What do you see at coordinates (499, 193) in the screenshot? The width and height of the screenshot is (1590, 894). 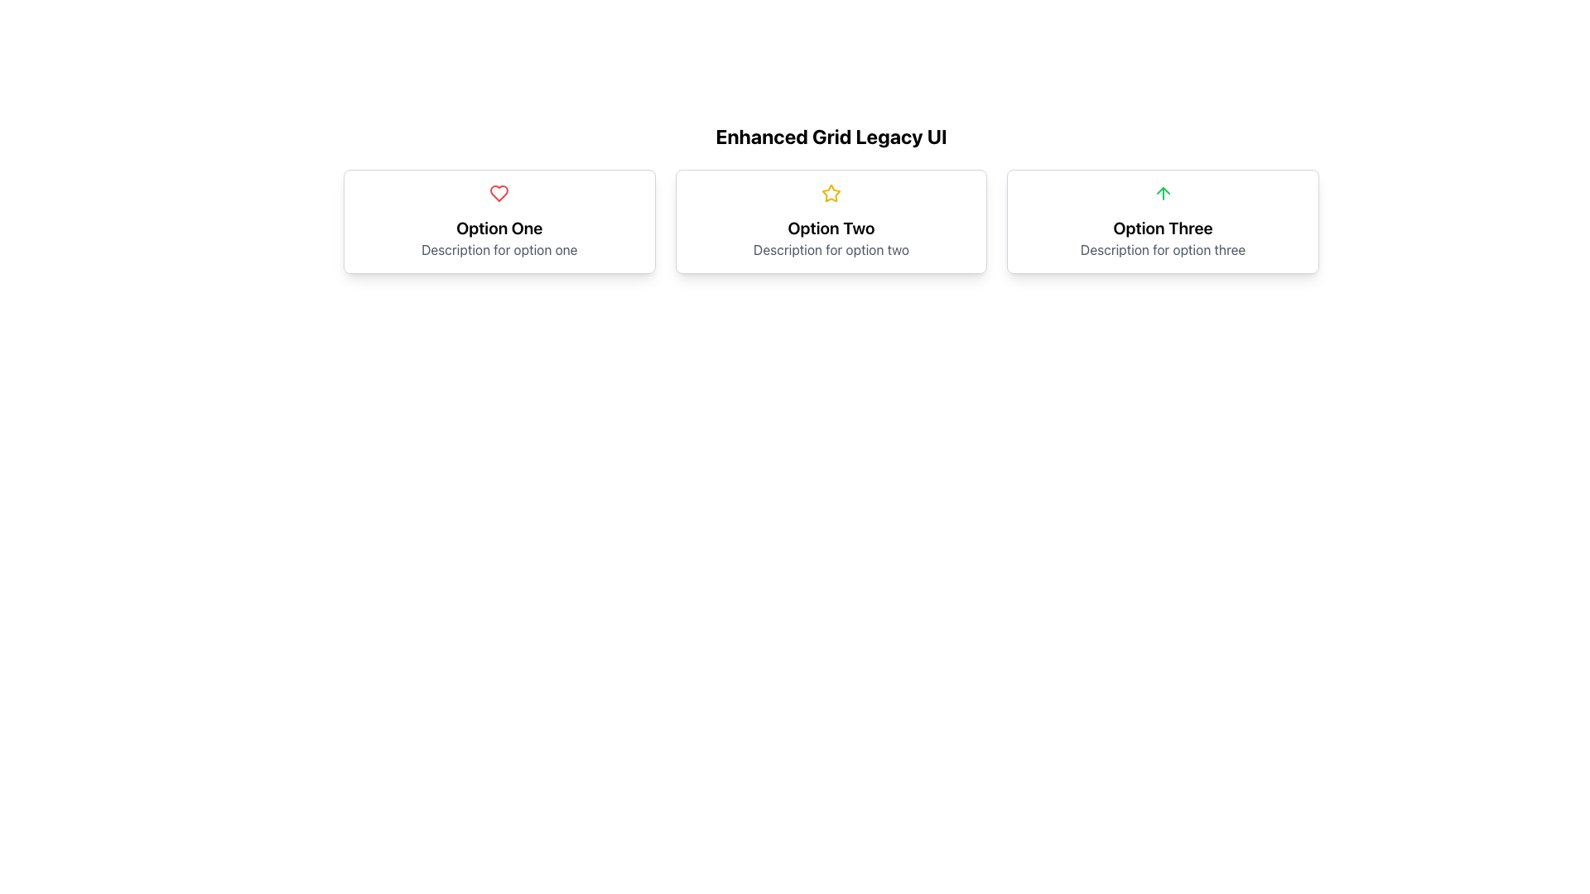 I see `the red heart icon located in the Option One card, which is directly above the text 'Option One' and 'Description for option one.'` at bounding box center [499, 193].